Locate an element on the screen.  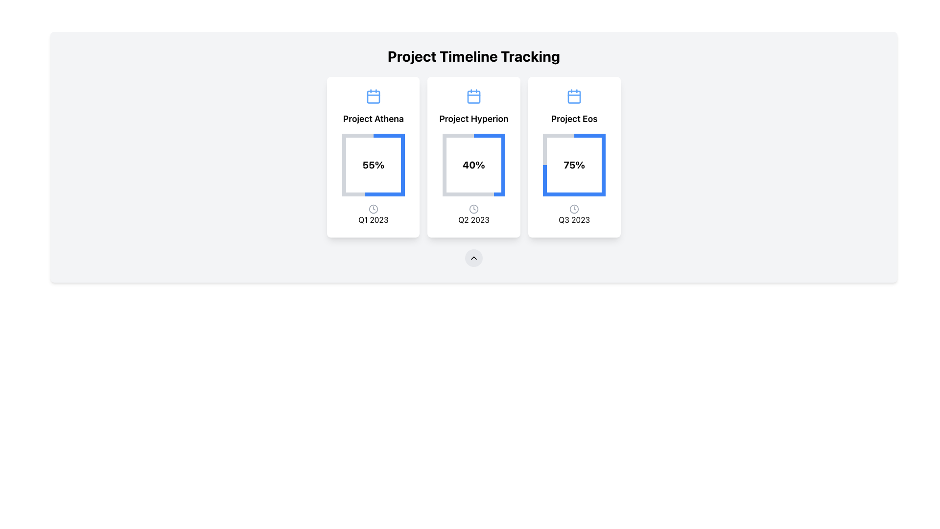
text displayed in the progress percentage label for the project 'Eos', which shows '75%' is located at coordinates (574, 164).